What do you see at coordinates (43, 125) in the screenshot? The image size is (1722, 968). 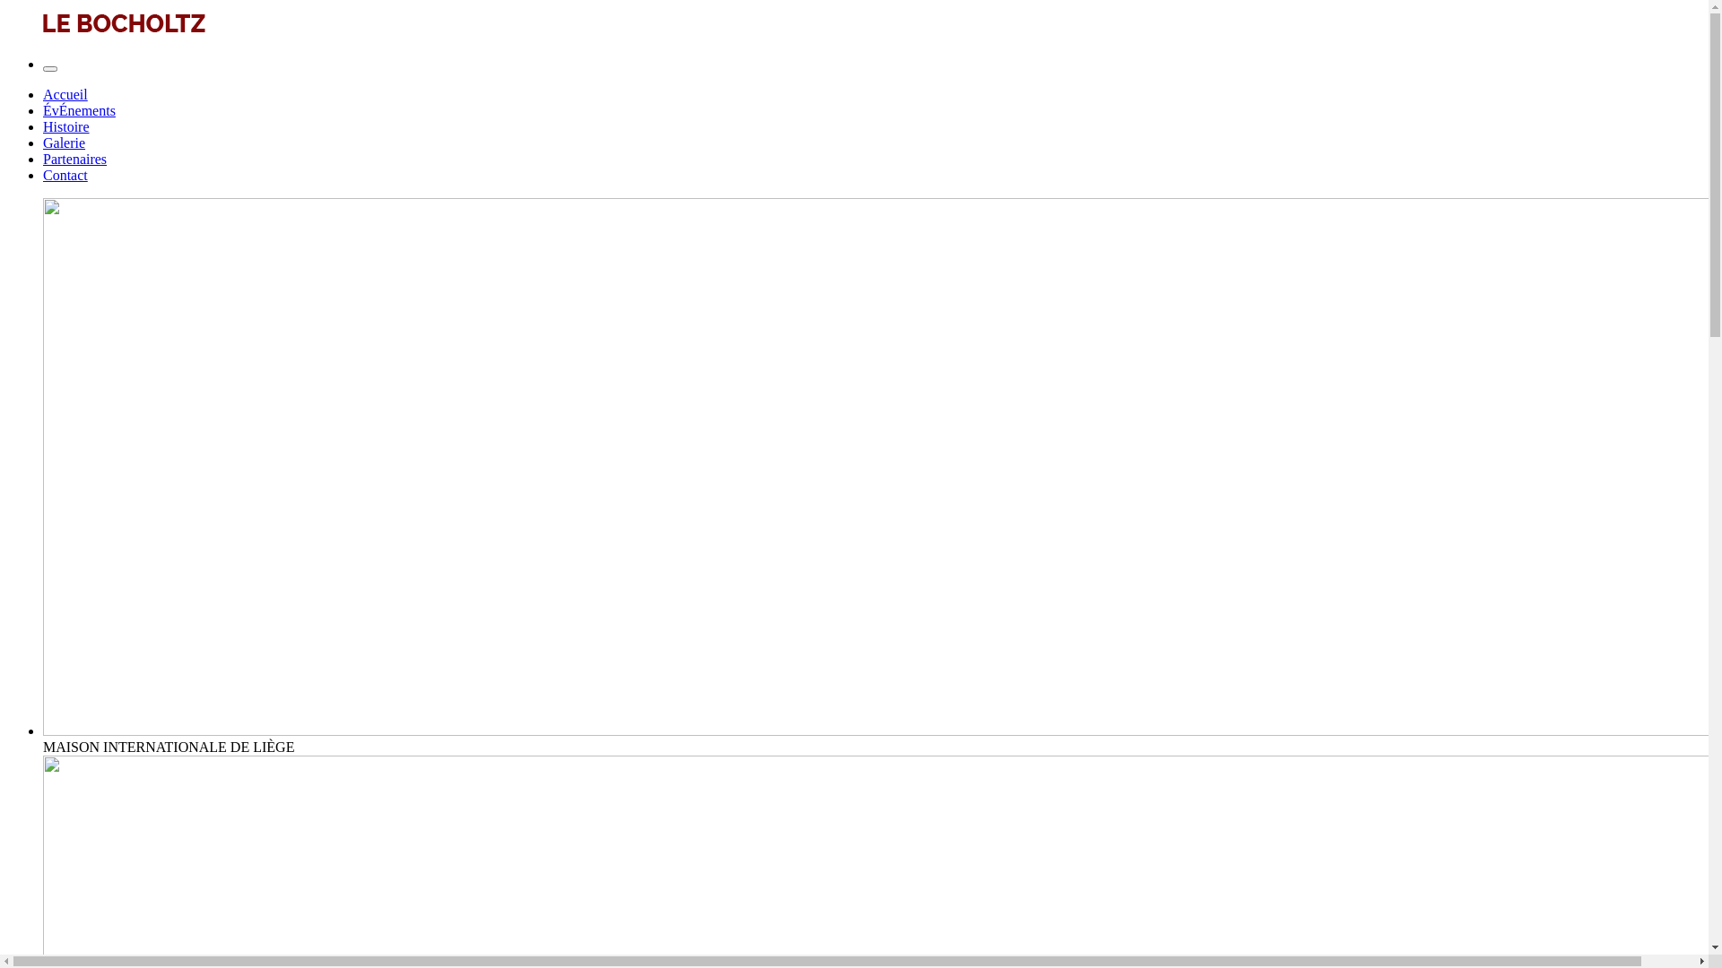 I see `'Histoire'` at bounding box center [43, 125].